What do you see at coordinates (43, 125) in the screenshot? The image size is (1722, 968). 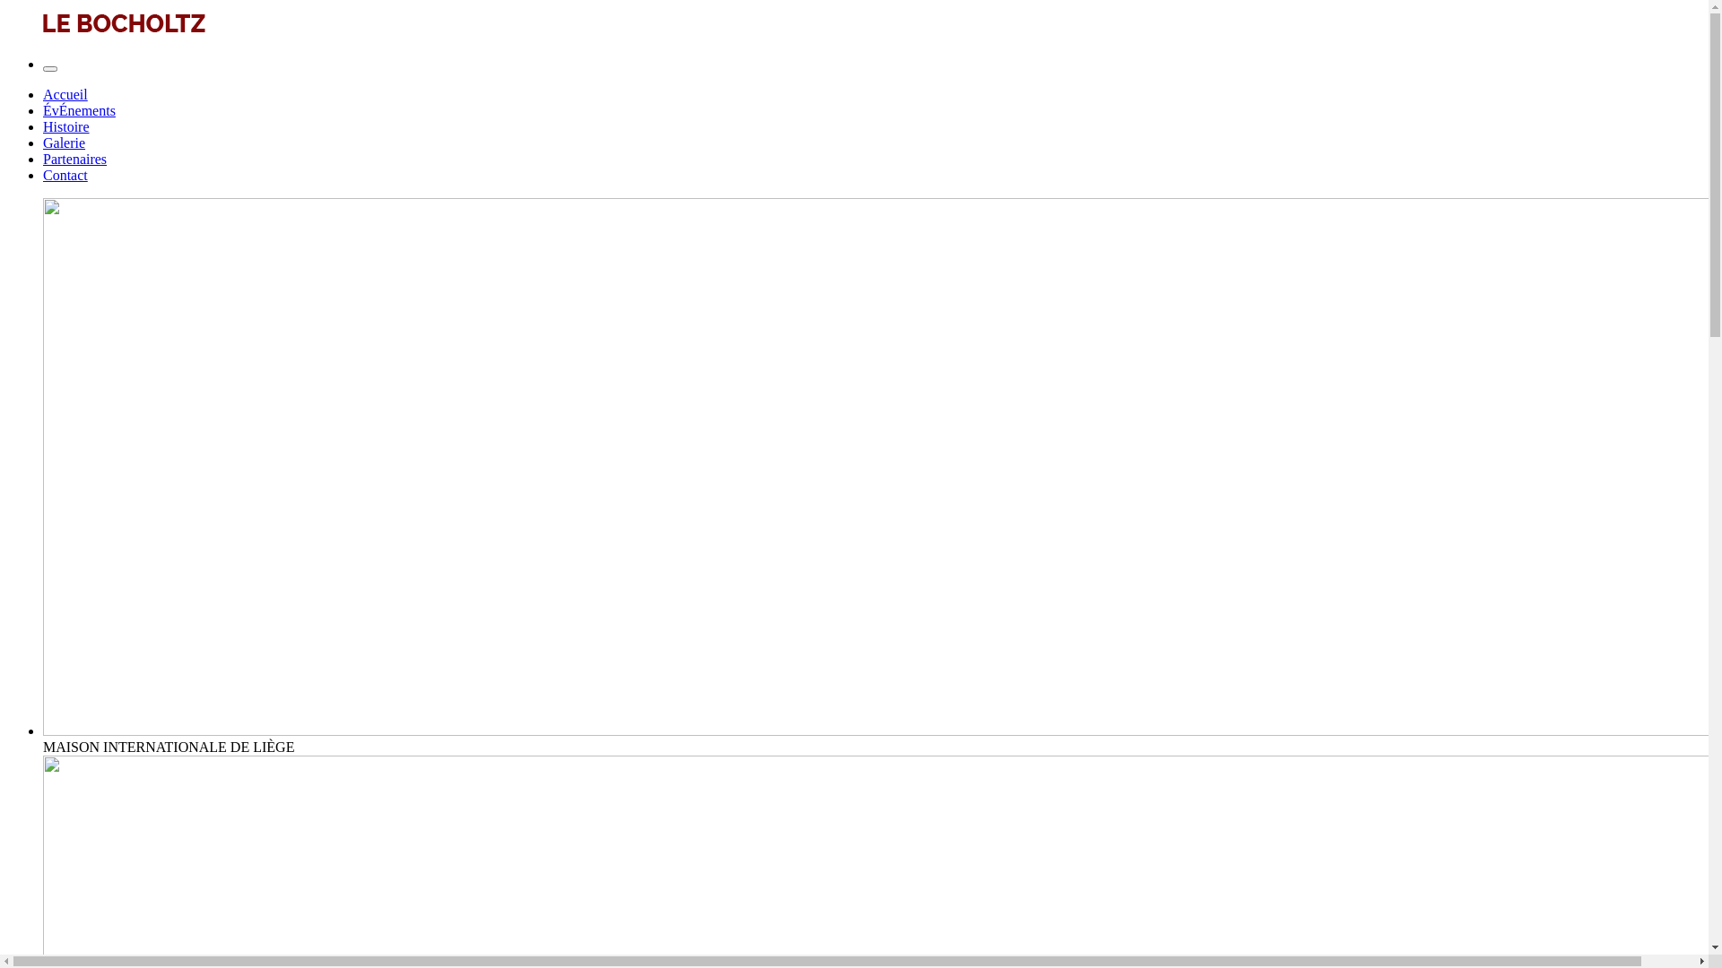 I see `'Histoire'` at bounding box center [43, 125].